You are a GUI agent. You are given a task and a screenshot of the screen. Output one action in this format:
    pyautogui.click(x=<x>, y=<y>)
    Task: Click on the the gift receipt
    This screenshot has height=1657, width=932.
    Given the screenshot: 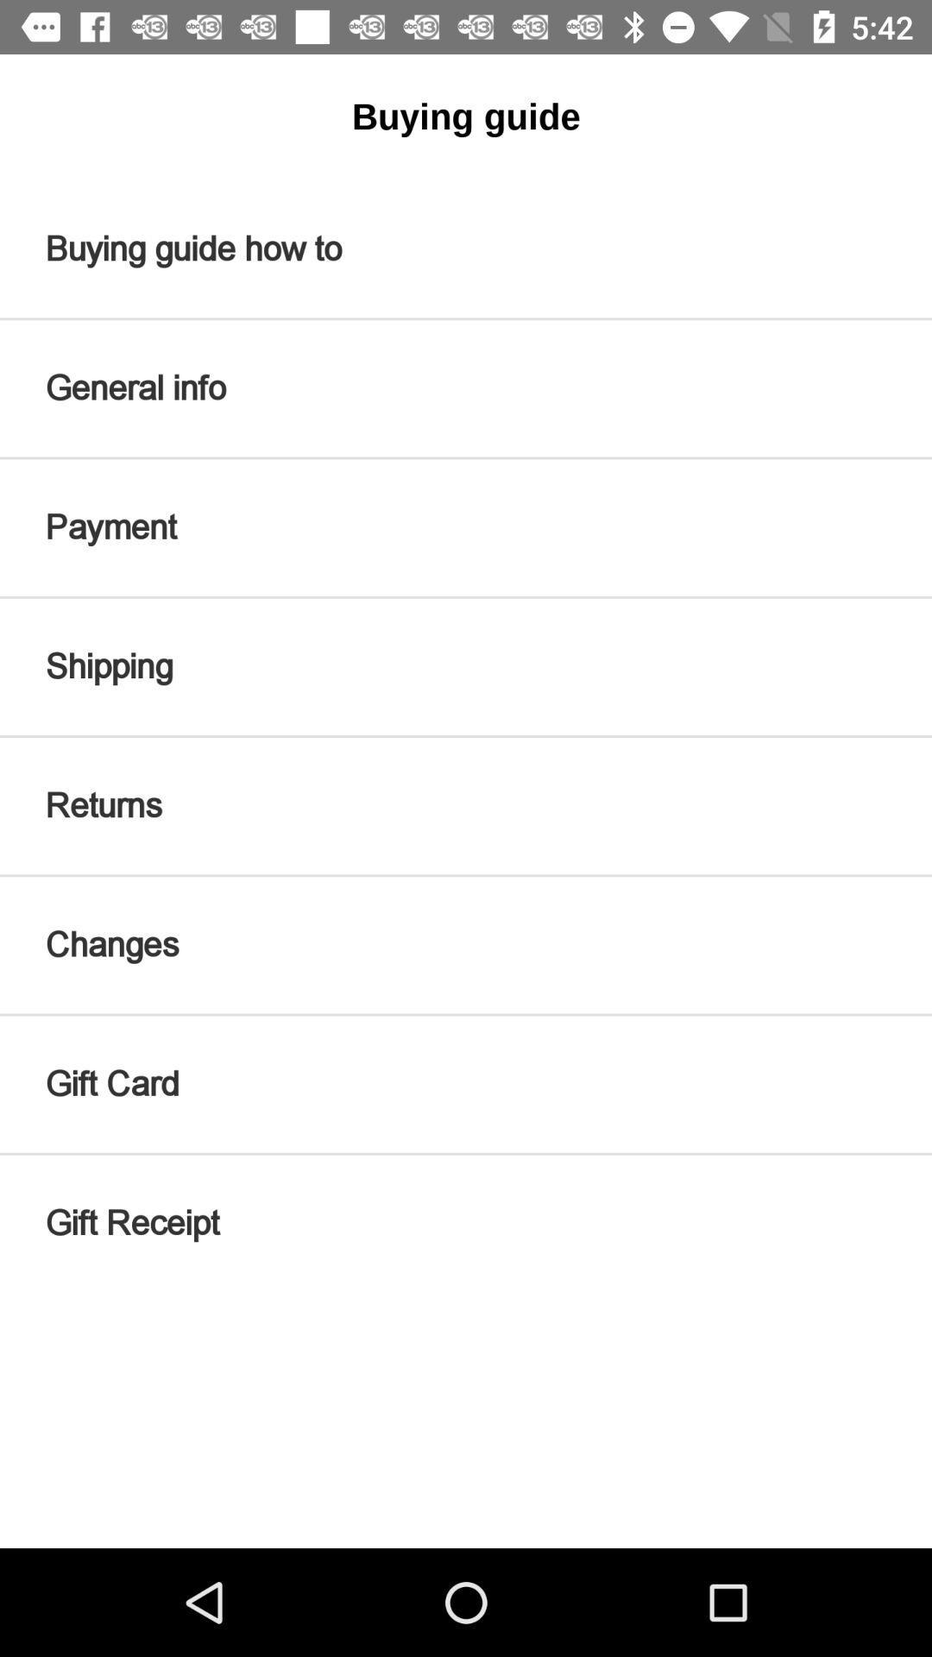 What is the action you would take?
    pyautogui.click(x=466, y=1222)
    